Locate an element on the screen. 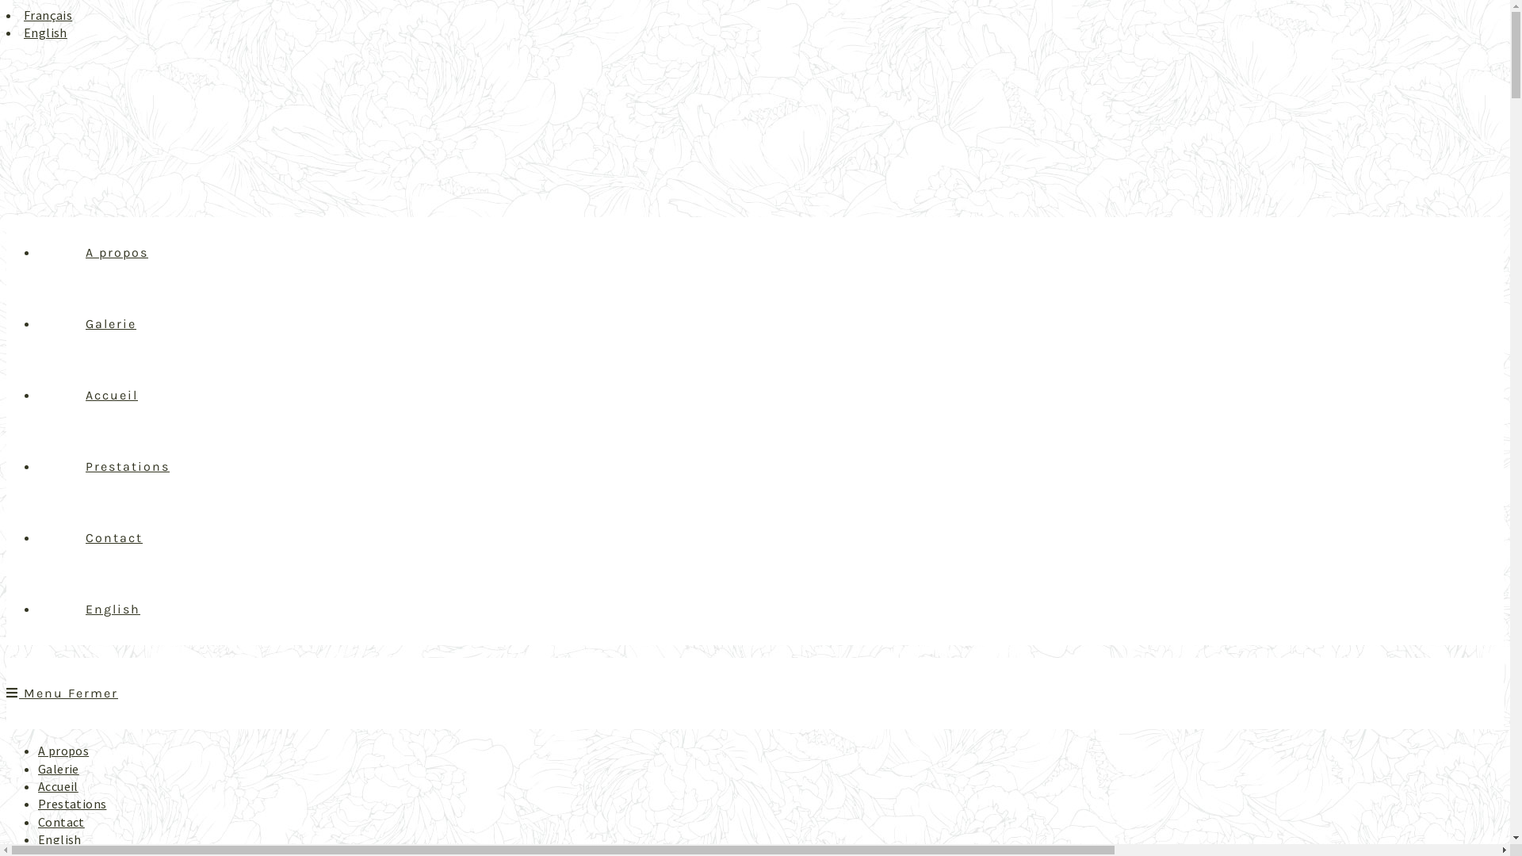 This screenshot has width=1522, height=856. 'English' is located at coordinates (59, 839).